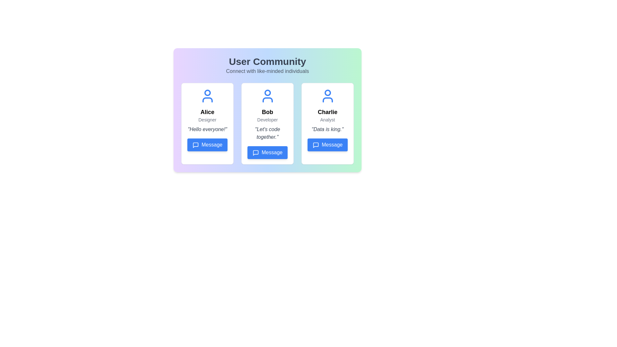  I want to click on the blue button with rounded corners labeled 'Message', located beneath the text 'Hello everyone!' in Alice's profile card, so click(207, 145).